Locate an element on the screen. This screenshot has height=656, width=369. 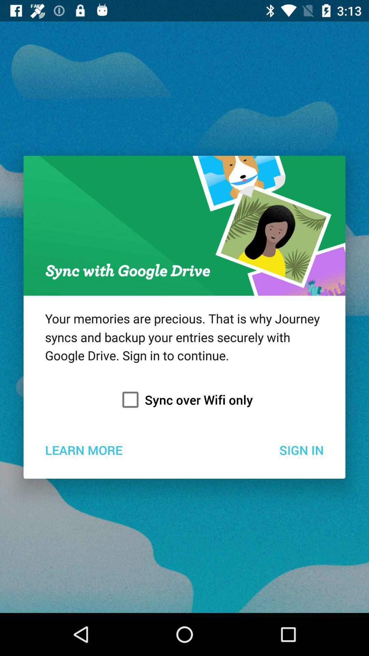
the item below the your memories are icon is located at coordinates (184, 400).